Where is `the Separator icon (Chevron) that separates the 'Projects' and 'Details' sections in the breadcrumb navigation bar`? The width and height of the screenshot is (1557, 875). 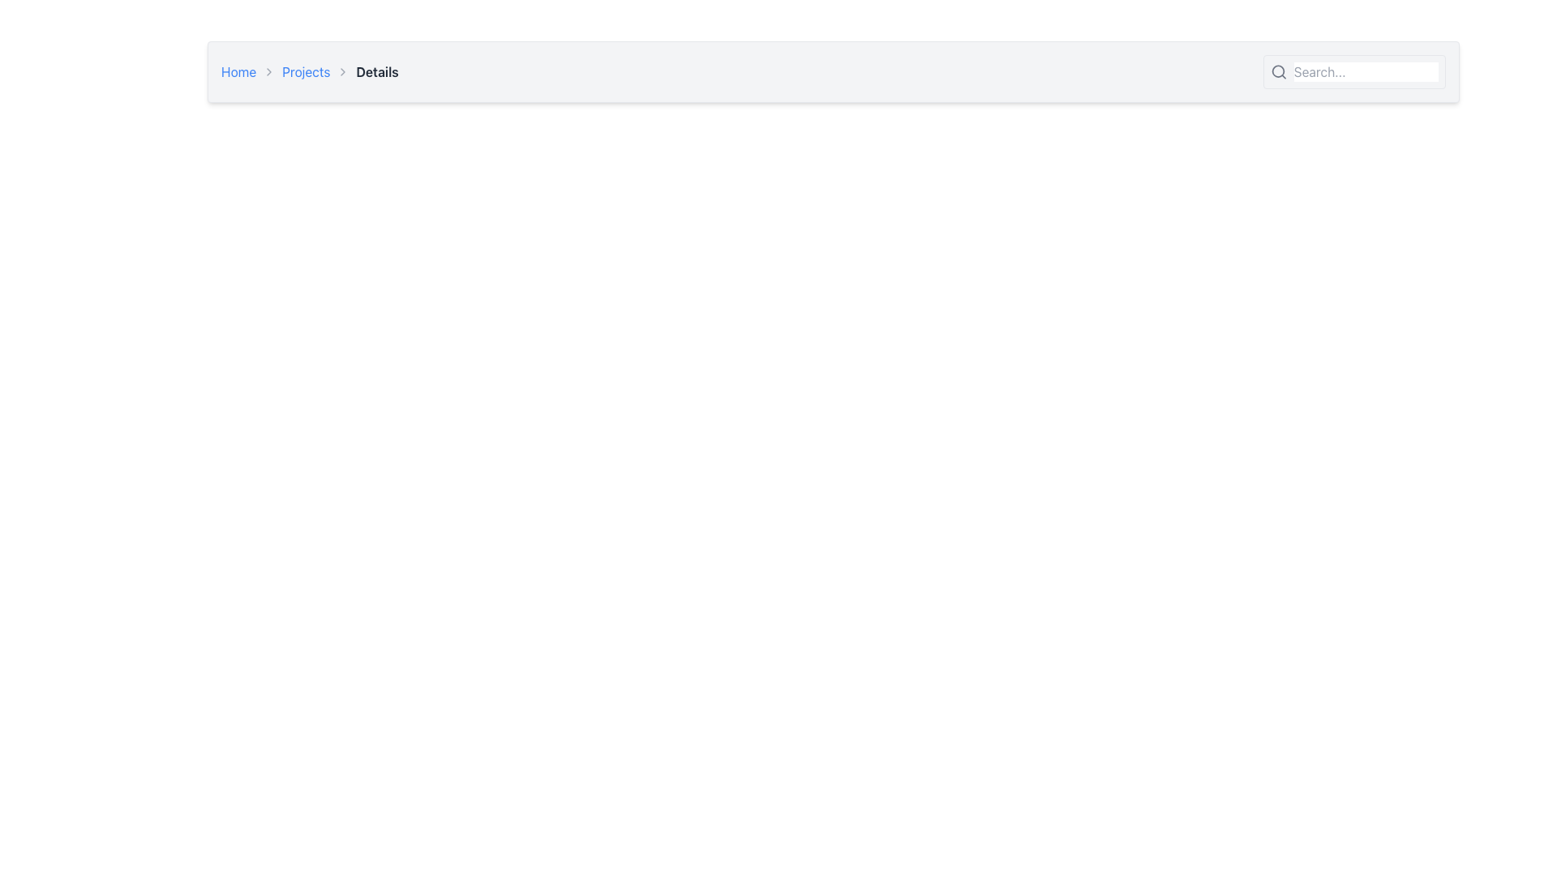
the Separator icon (Chevron) that separates the 'Projects' and 'Details' sections in the breadcrumb navigation bar is located at coordinates (342, 70).